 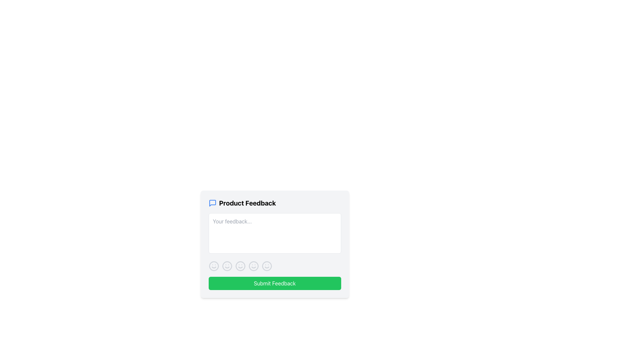 What do you see at coordinates (253, 266) in the screenshot?
I see `the neutral sentiment rating icon, which is the fourth of five aligned icons below the feedback text area in the feedback section` at bounding box center [253, 266].